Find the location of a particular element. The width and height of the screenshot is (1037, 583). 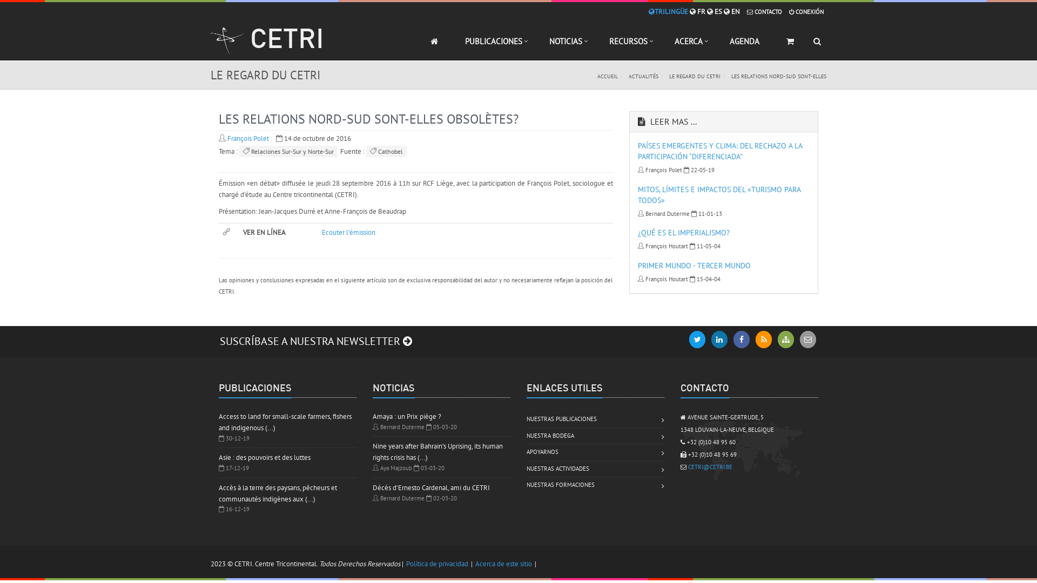

'NUESTRA BODEGA' is located at coordinates (550, 435).